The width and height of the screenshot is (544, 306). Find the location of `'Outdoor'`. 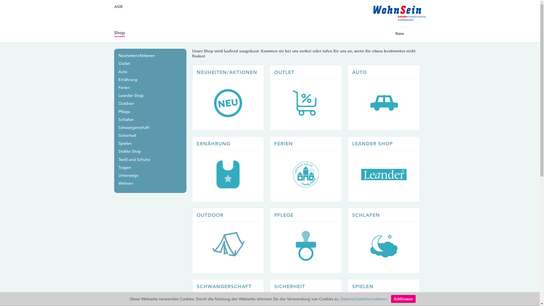

'Outdoor' is located at coordinates (126, 103).